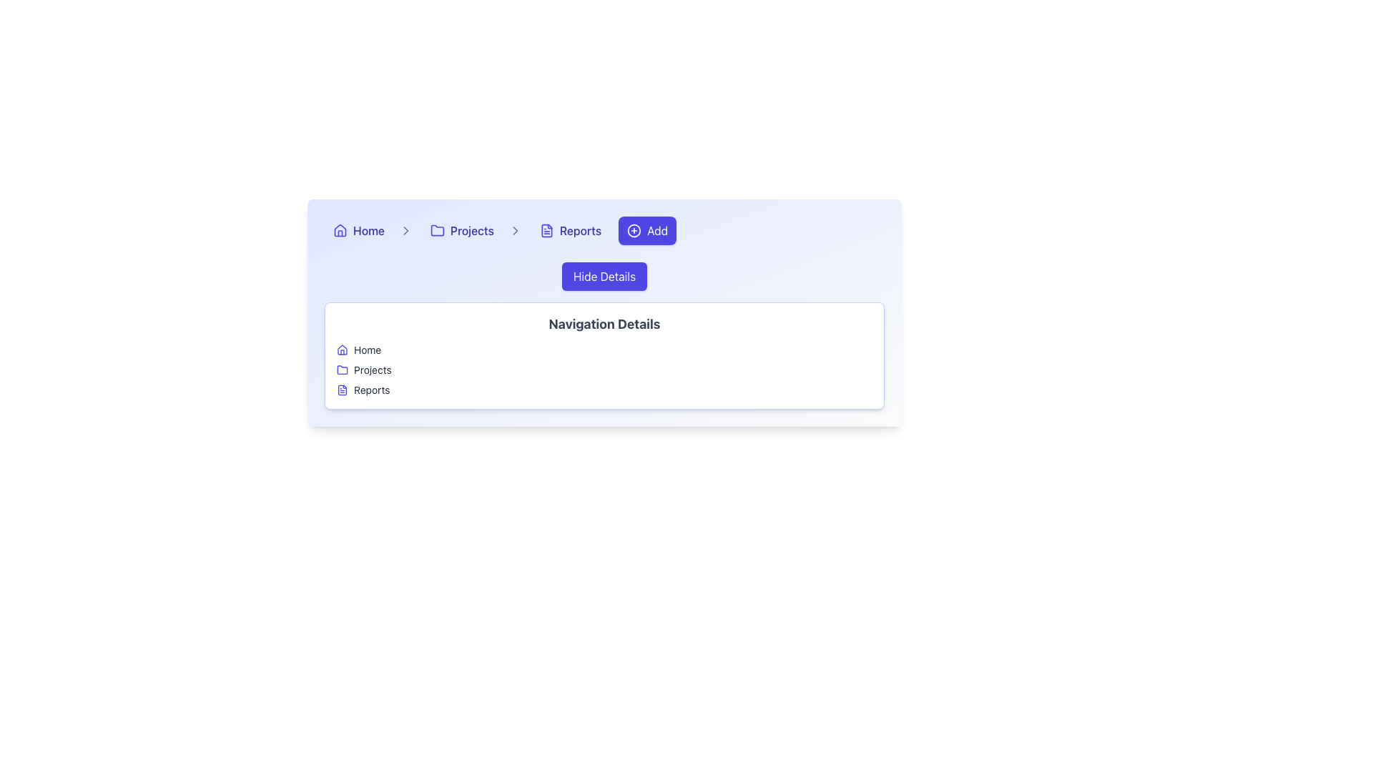 The width and height of the screenshot is (1373, 772). I want to click on the right-pointing chevron arrow icon in the breadcrumb navigation bar located between 'Home' and 'Projects', so click(405, 230).